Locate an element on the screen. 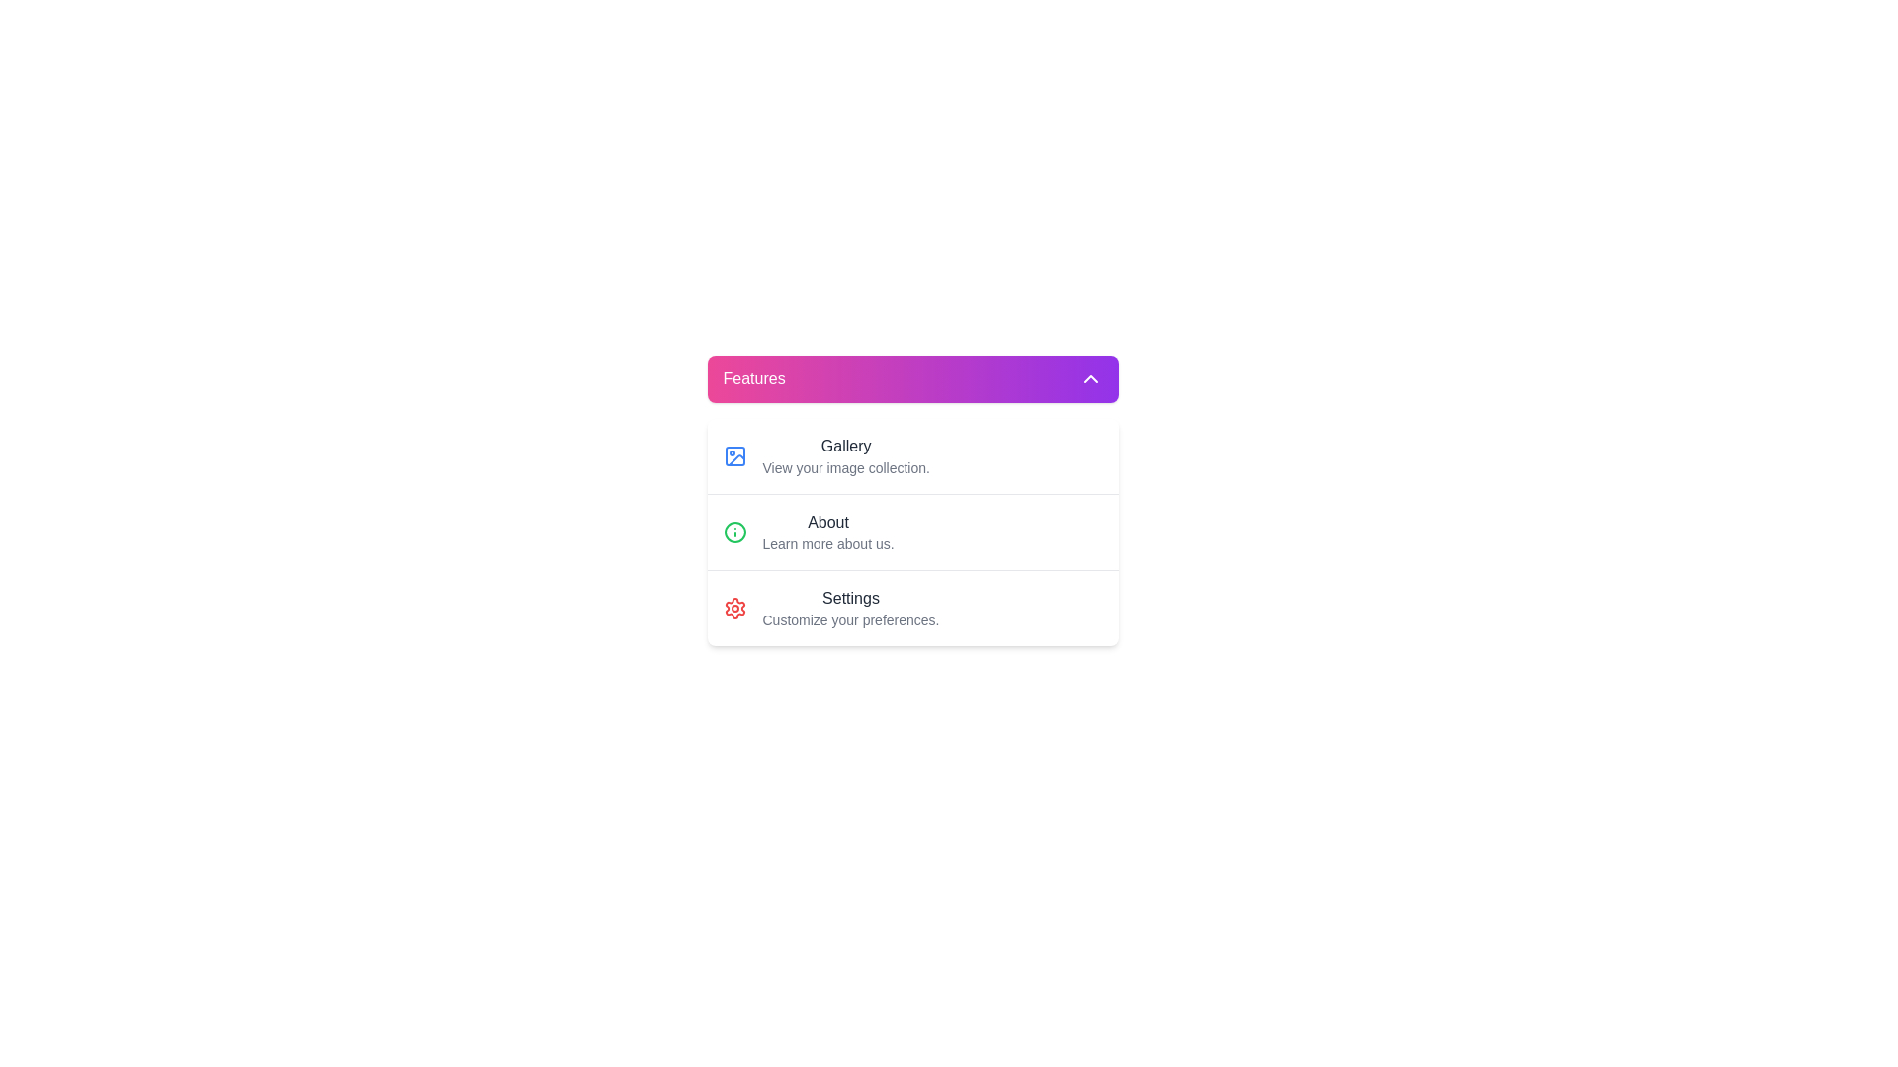 The width and height of the screenshot is (1898, 1067). the 'Gallery' button, which is a blue rectangular component with an image icon and labeled in bold black font is located at coordinates (911, 456).